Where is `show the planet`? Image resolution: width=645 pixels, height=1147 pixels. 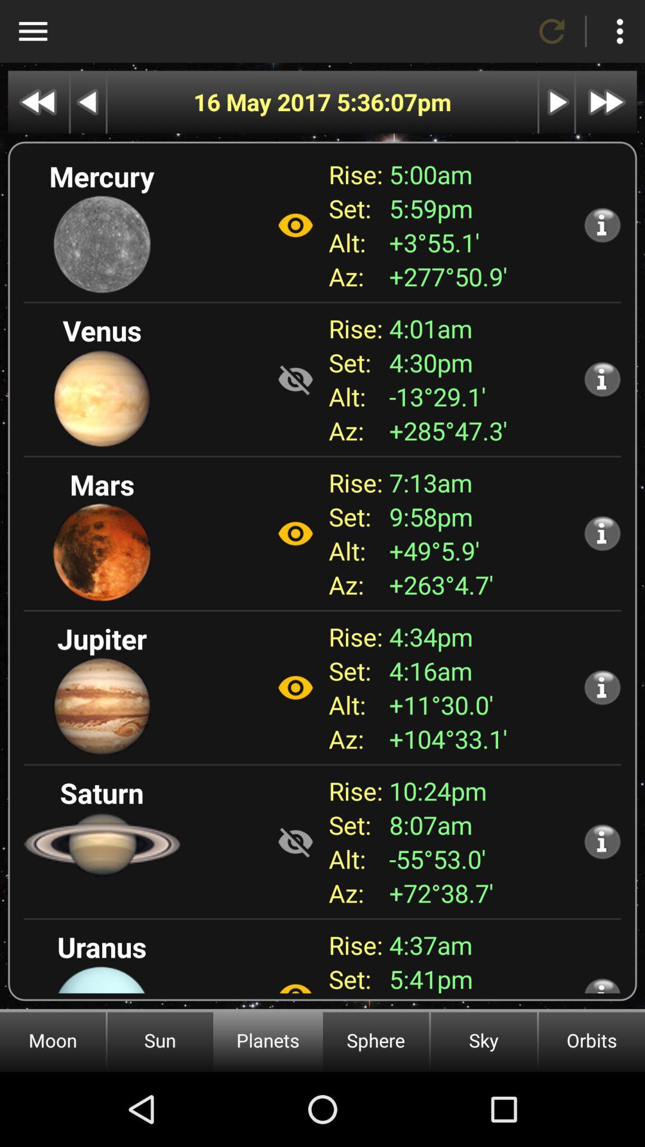
show the planet is located at coordinates (295, 841).